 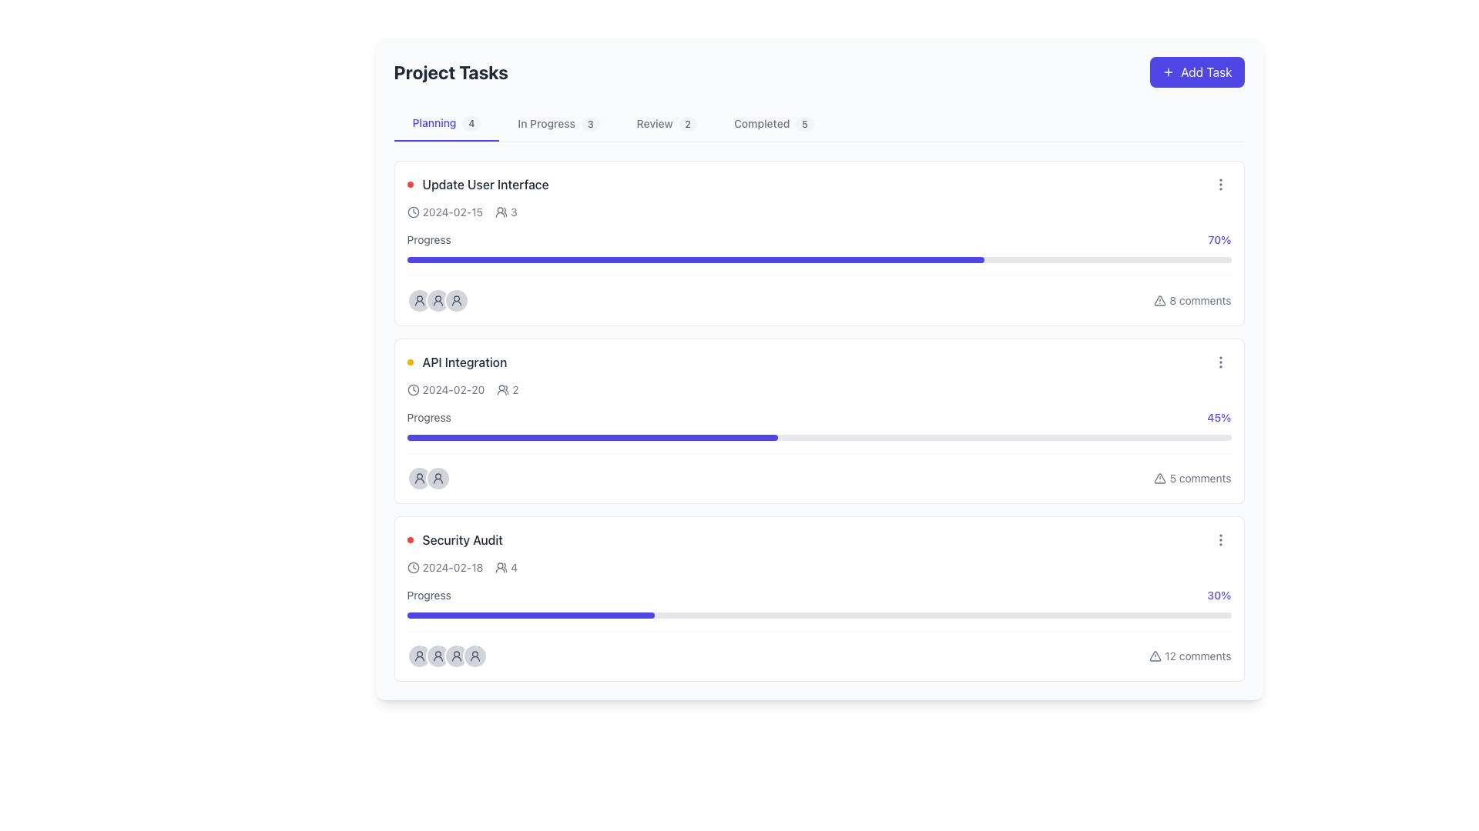 I want to click on the circular icon with a gray background and white border, which features an outline of a person in dark gray strokes, located in the bottom-left of the user icons under the 'Security Audit' task, so click(x=419, y=656).